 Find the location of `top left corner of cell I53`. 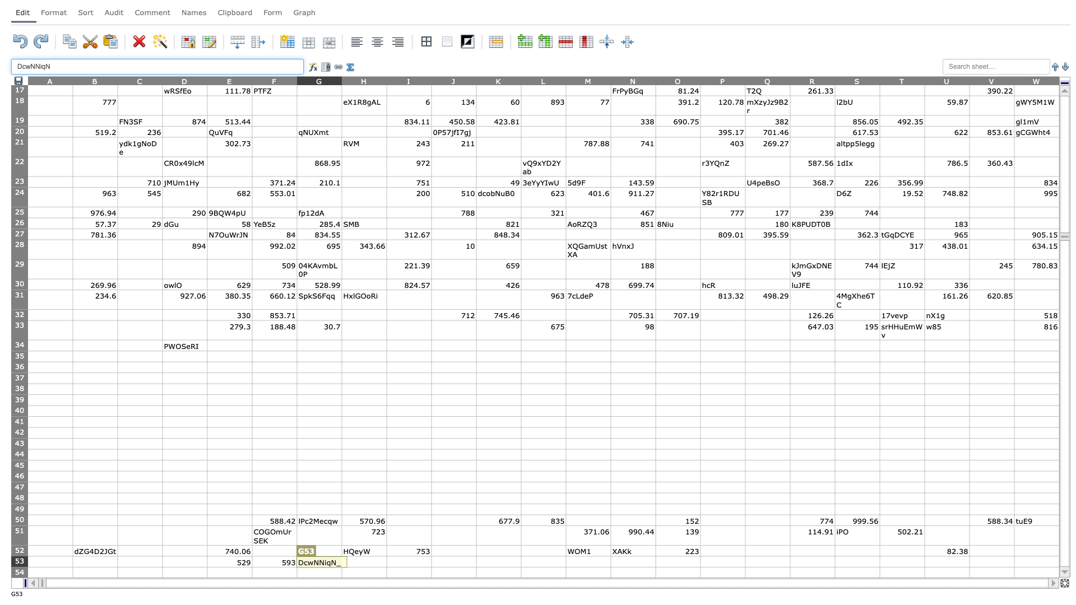

top left corner of cell I53 is located at coordinates (387, 556).